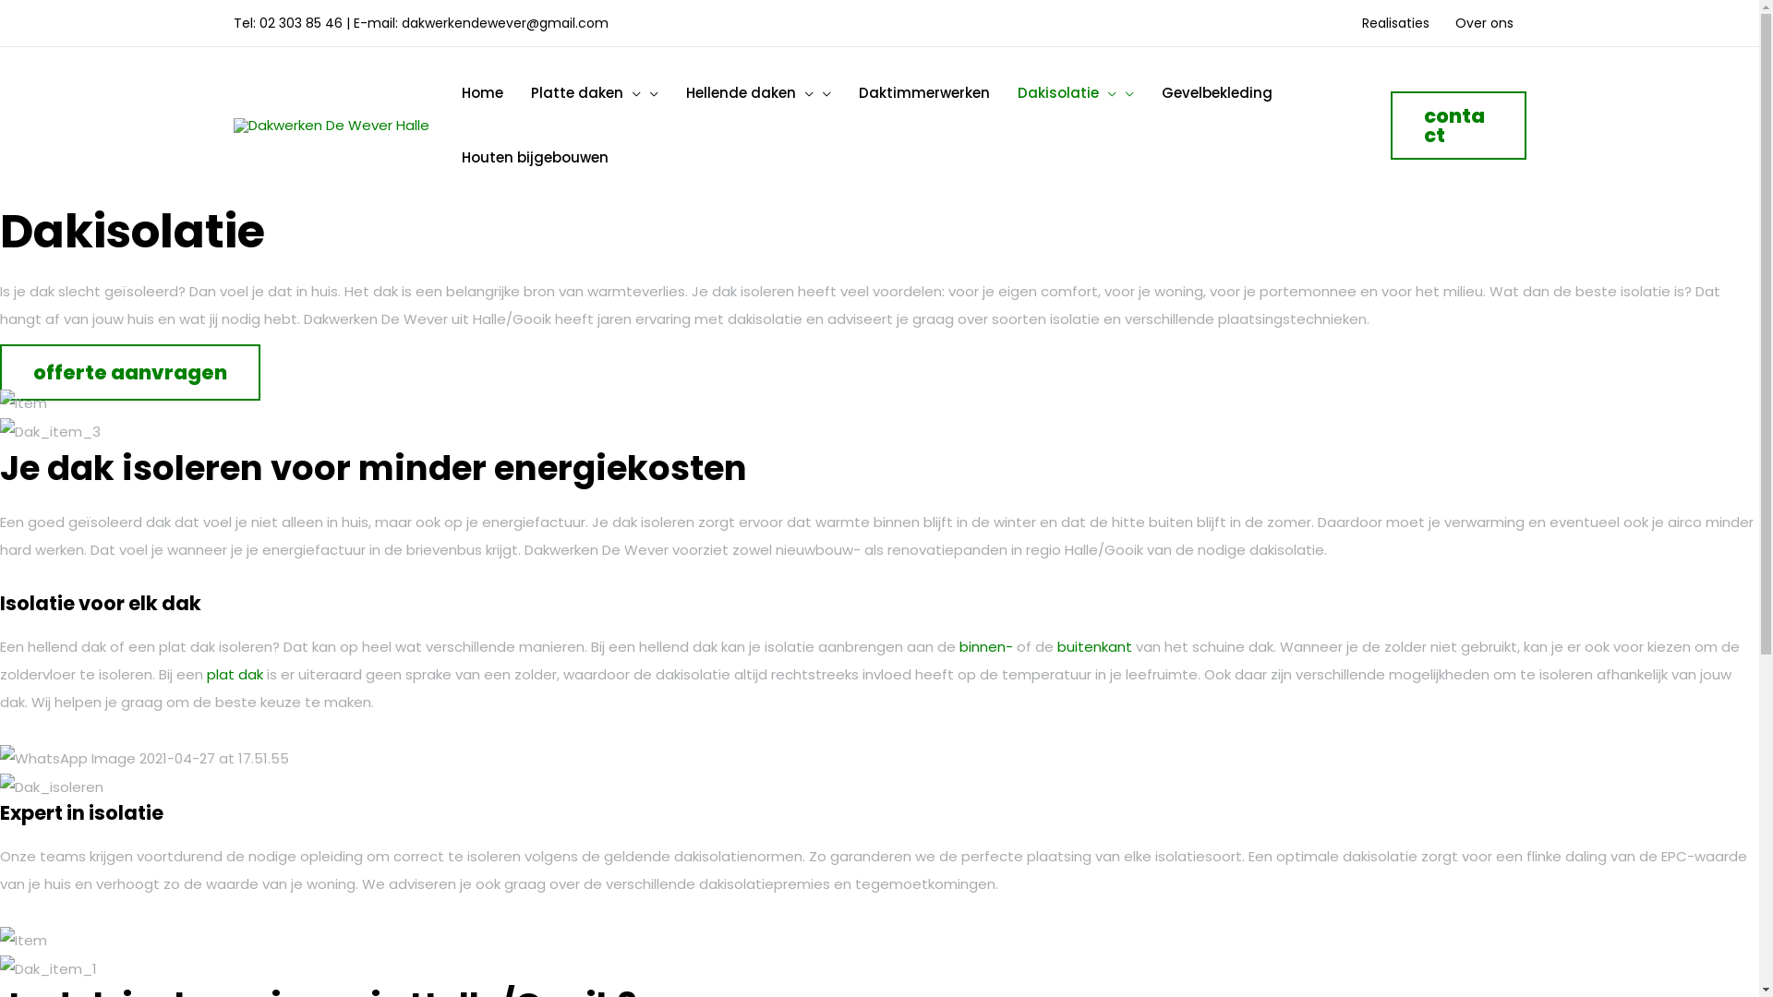 This screenshot has height=997, width=1773. I want to click on 'Item', so click(0, 402).